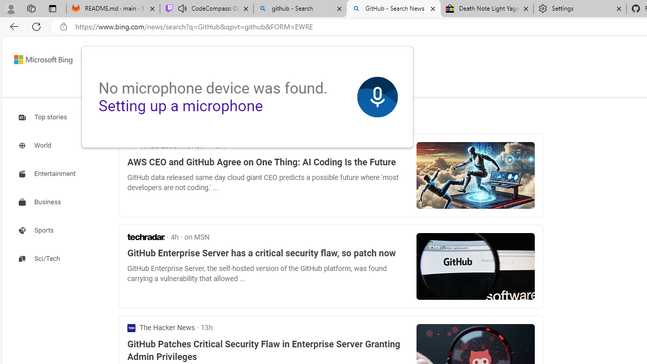  What do you see at coordinates (201, 117) in the screenshot?
I see `'Best match'` at bounding box center [201, 117].